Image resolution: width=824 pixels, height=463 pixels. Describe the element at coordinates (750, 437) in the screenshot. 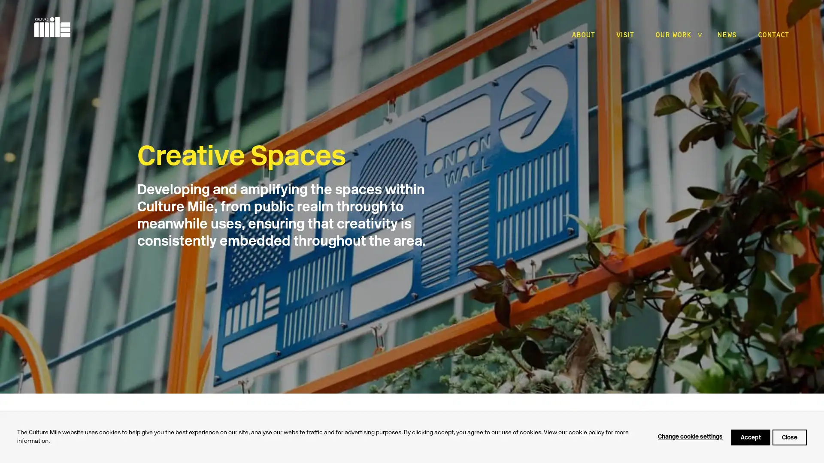

I see `Accept` at that location.